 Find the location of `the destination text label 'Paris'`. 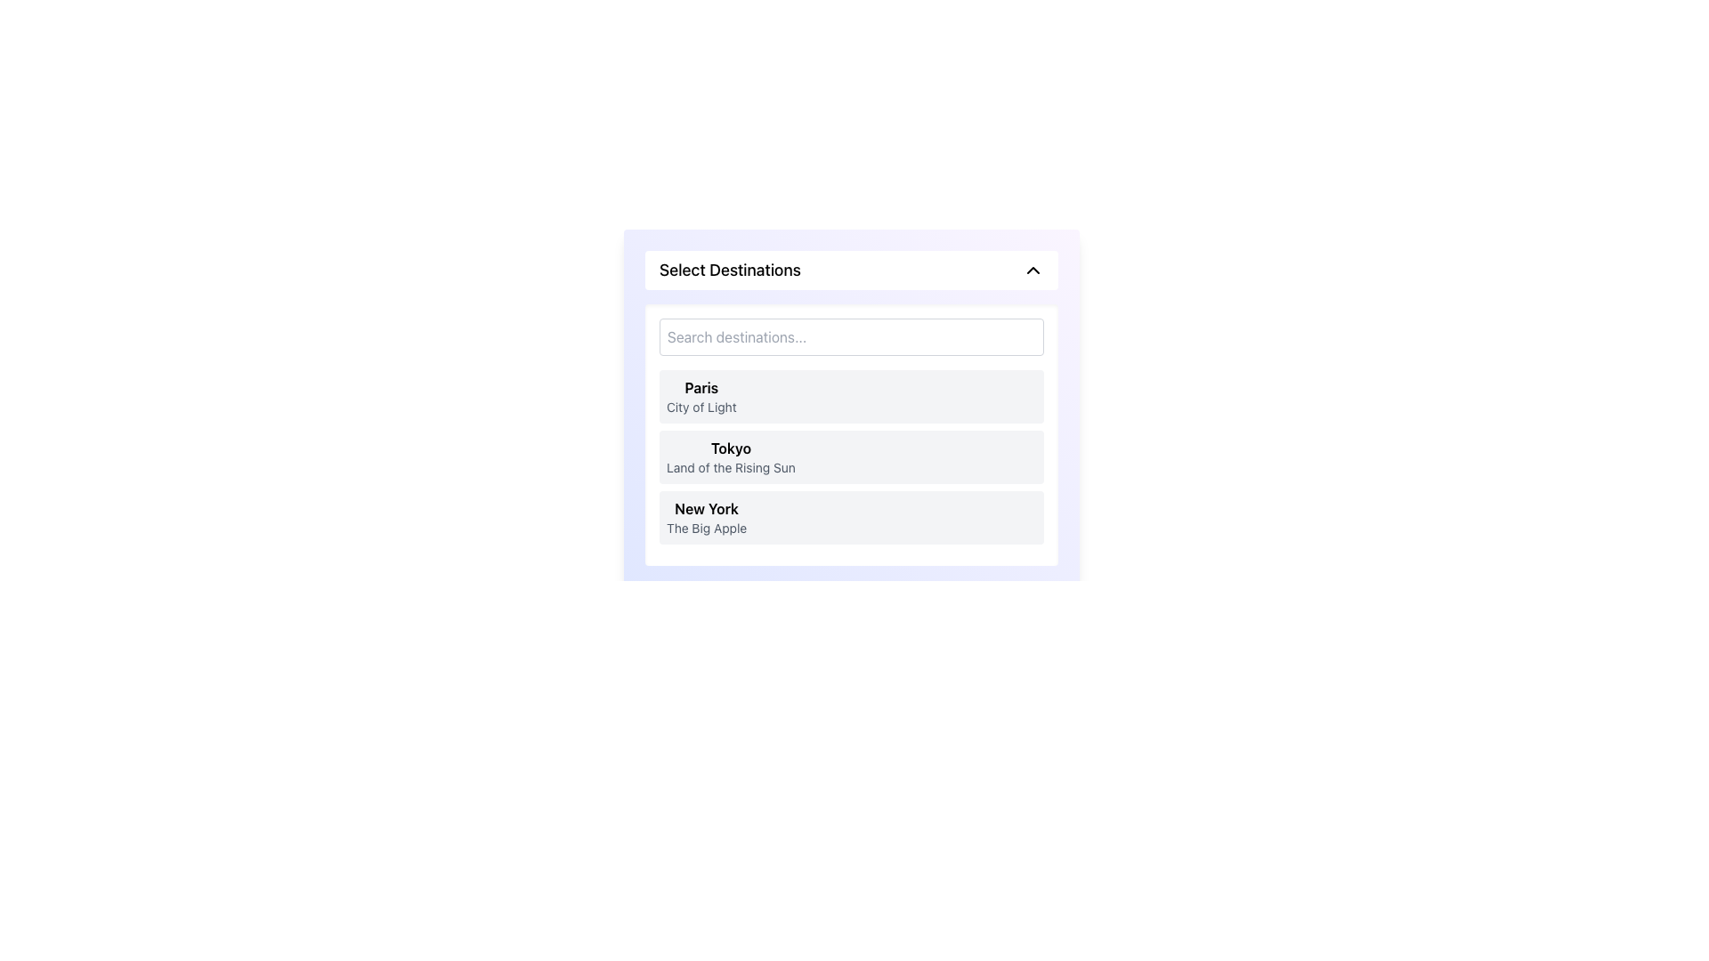

the destination text label 'Paris' is located at coordinates (701, 396).